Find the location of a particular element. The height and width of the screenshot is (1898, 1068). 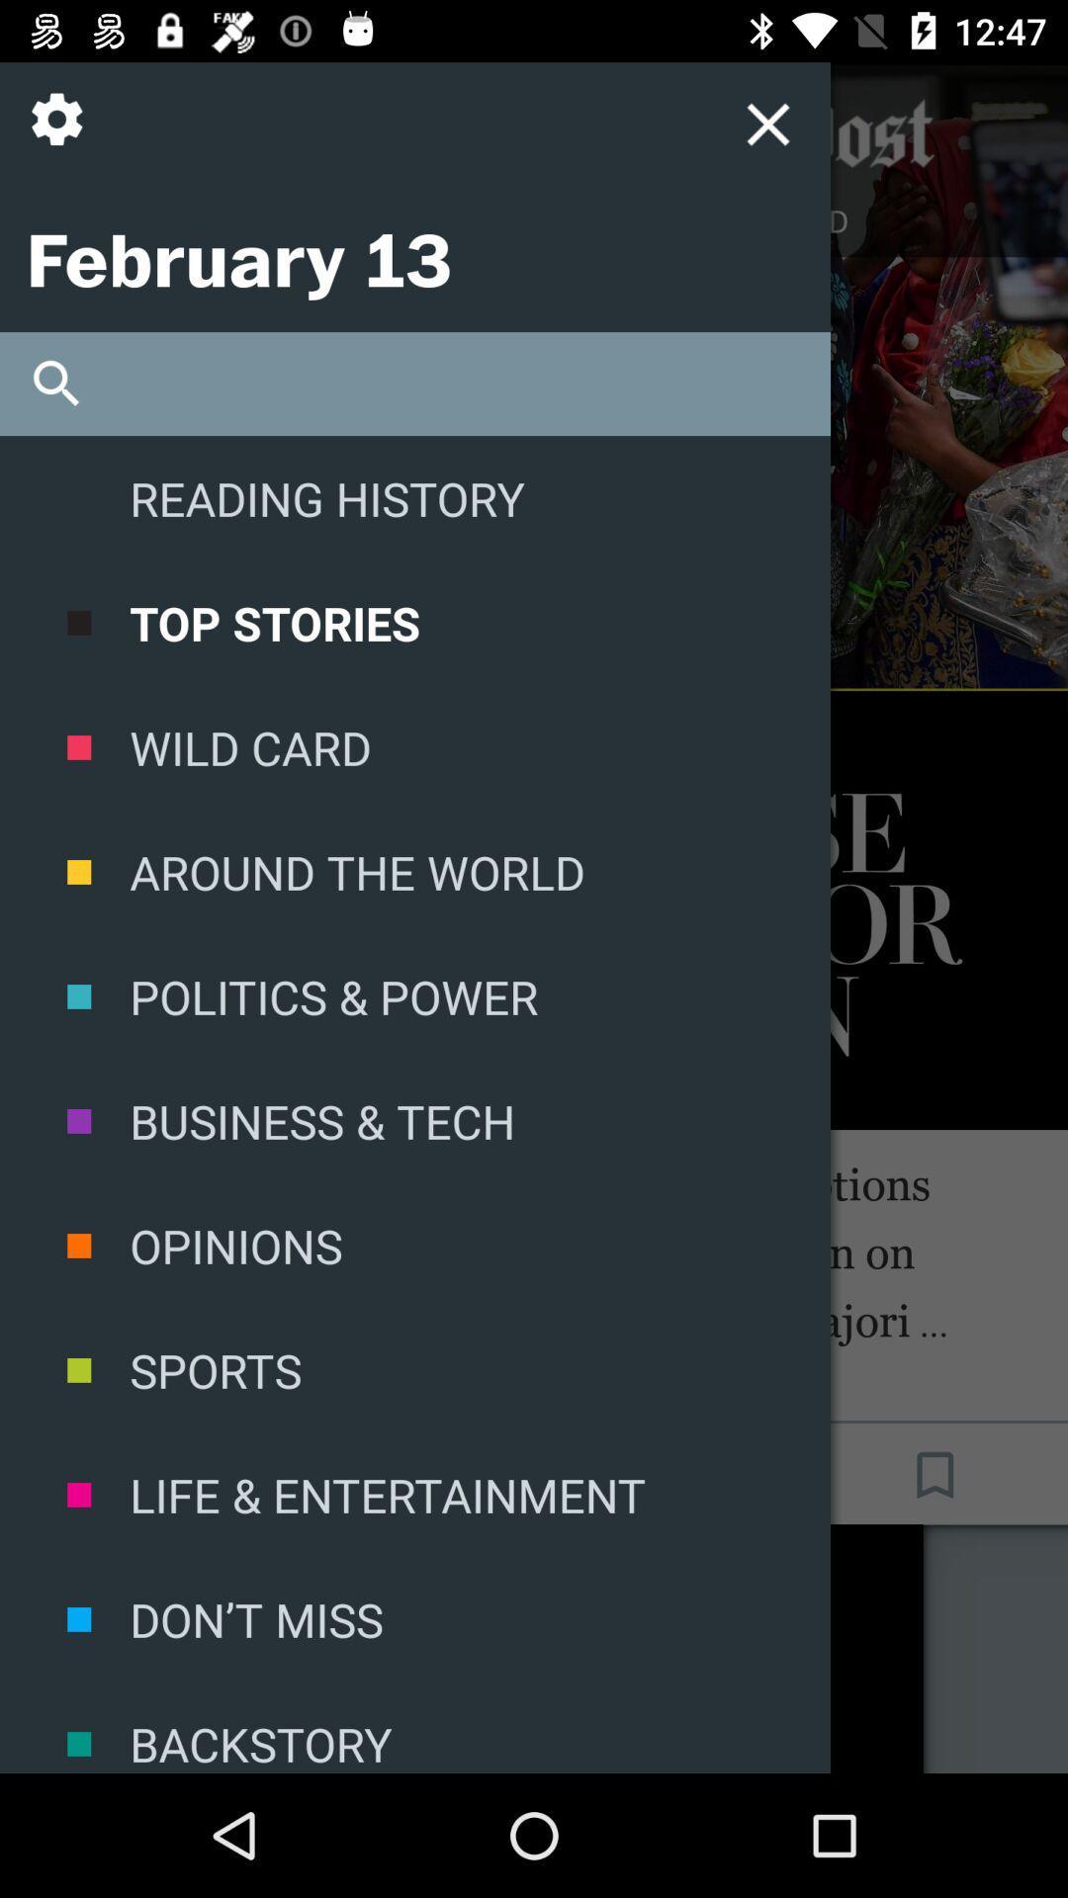

the bookmark icon is located at coordinates (934, 1475).